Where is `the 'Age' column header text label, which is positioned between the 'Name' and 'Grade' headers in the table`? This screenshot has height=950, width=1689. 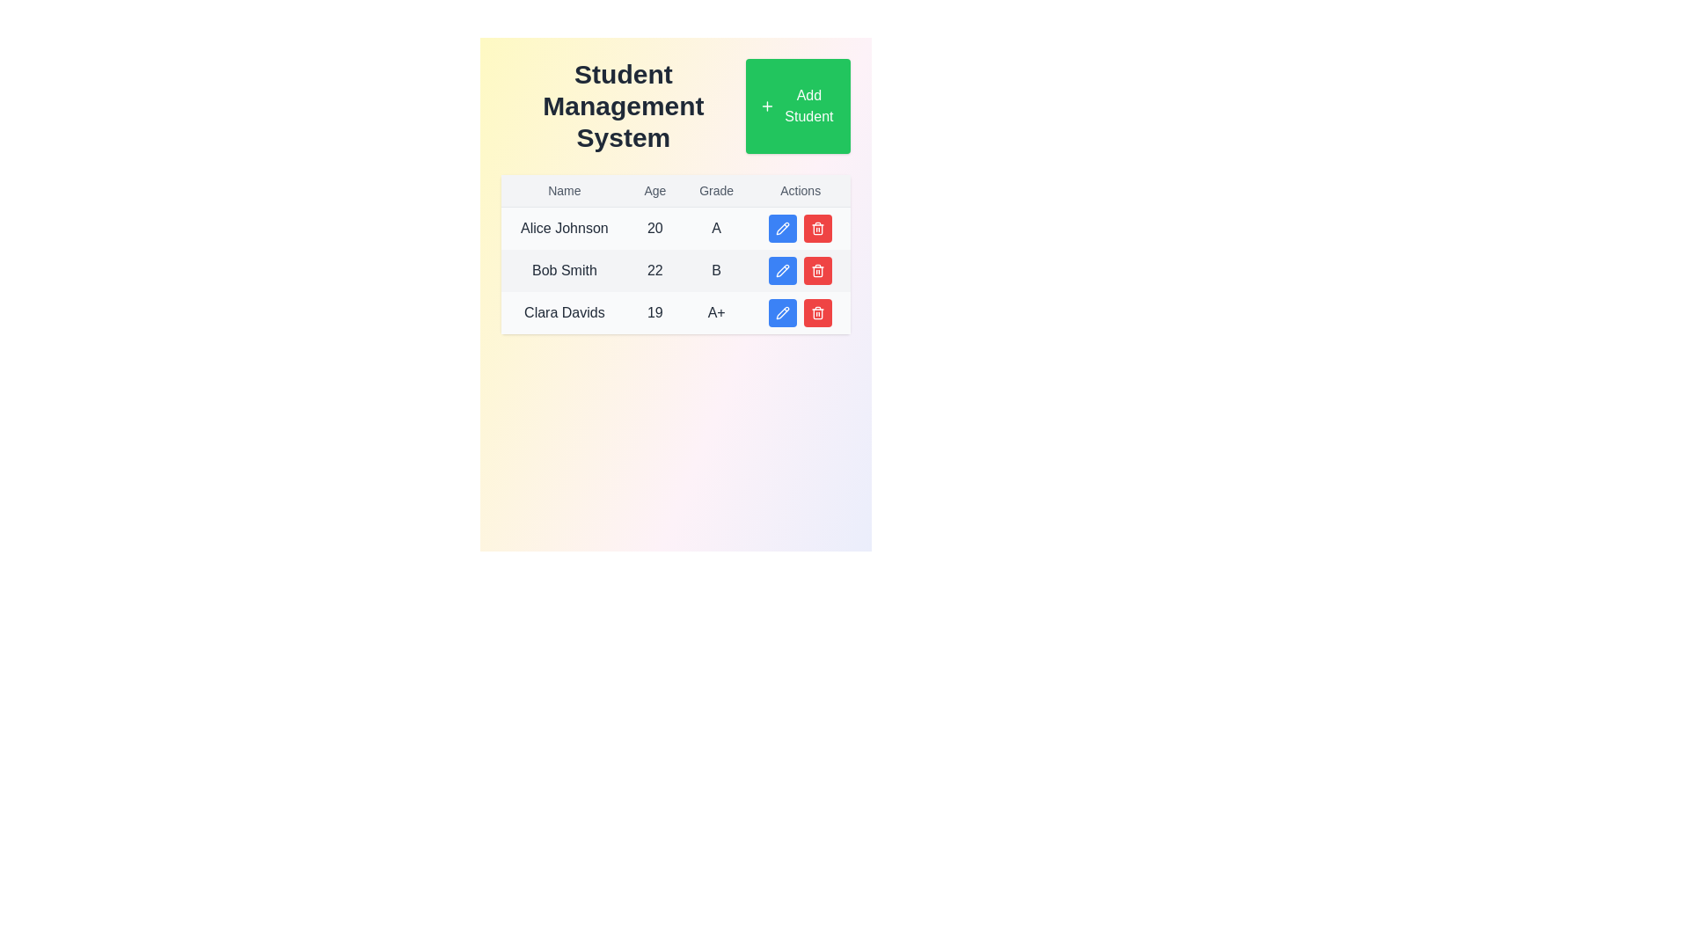 the 'Age' column header text label, which is positioned between the 'Name' and 'Grade' headers in the table is located at coordinates (654, 191).